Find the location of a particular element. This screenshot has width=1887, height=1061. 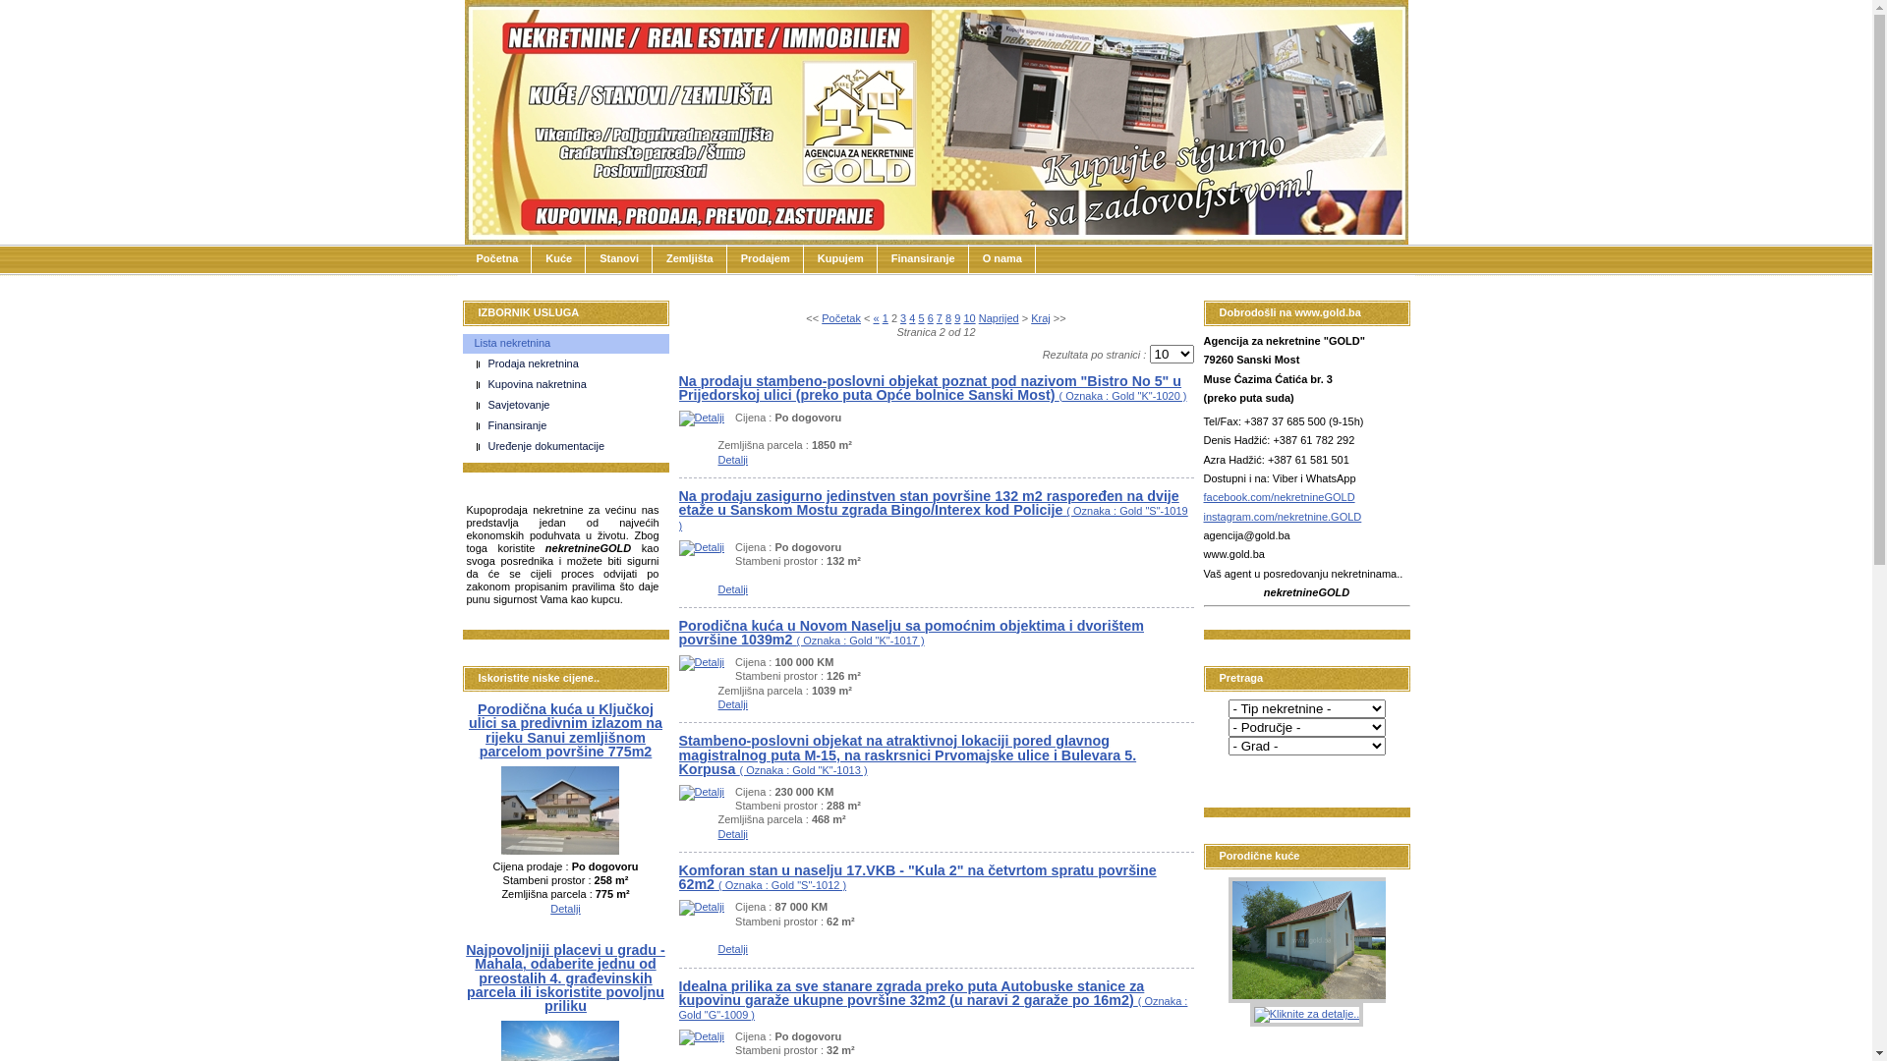

'Detalji' is located at coordinates (715, 703).